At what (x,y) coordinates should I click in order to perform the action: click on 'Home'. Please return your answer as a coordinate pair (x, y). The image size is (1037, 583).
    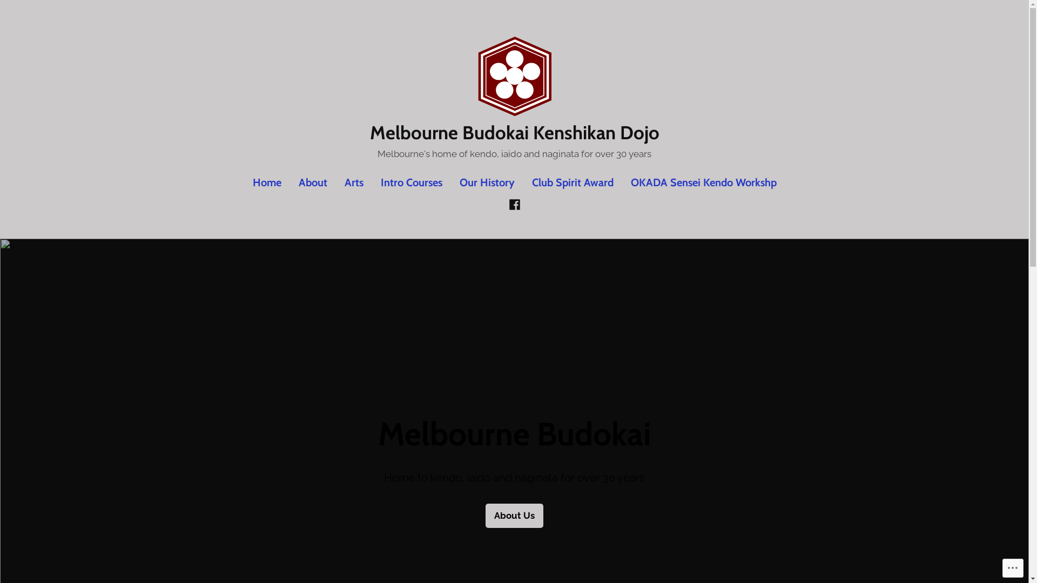
    Looking at the image, I should click on (271, 181).